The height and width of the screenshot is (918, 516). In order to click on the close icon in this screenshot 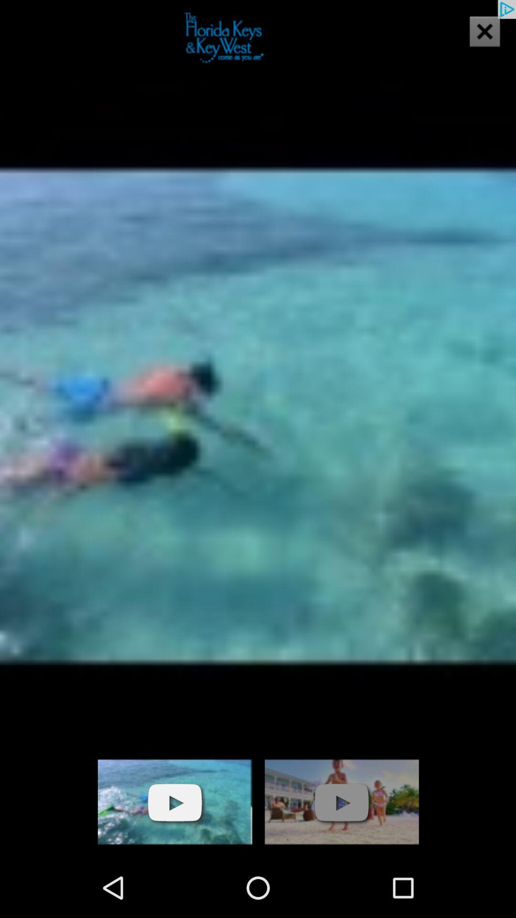, I will do `click(484, 33)`.